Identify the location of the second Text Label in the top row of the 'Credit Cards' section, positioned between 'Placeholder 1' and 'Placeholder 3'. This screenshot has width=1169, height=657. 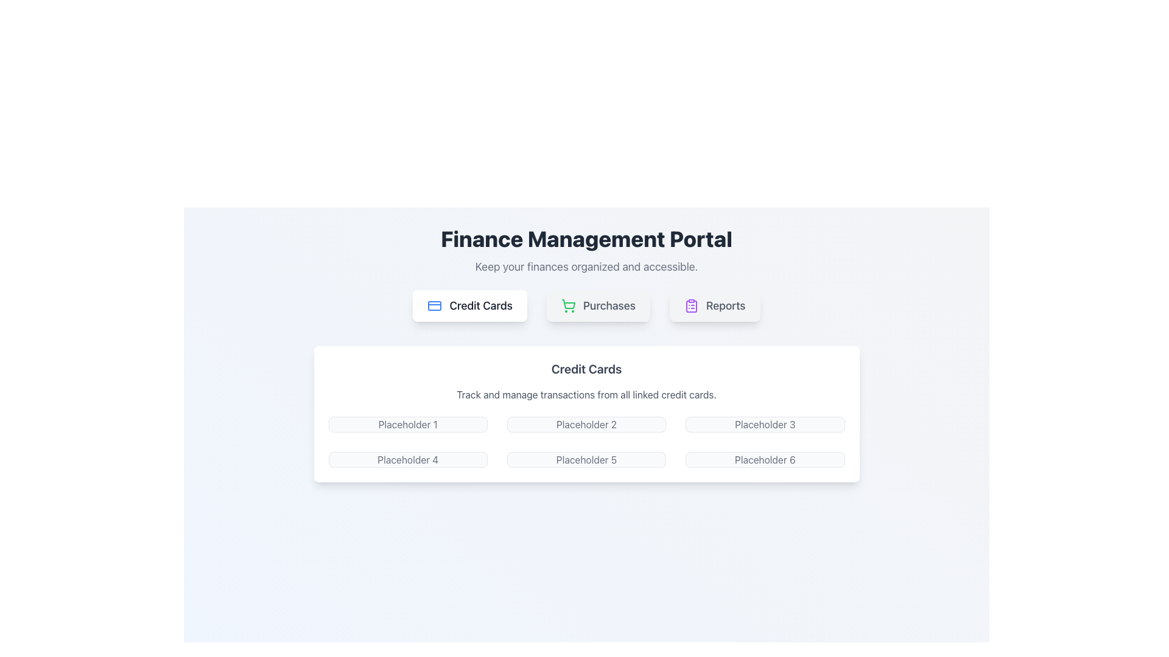
(586, 424).